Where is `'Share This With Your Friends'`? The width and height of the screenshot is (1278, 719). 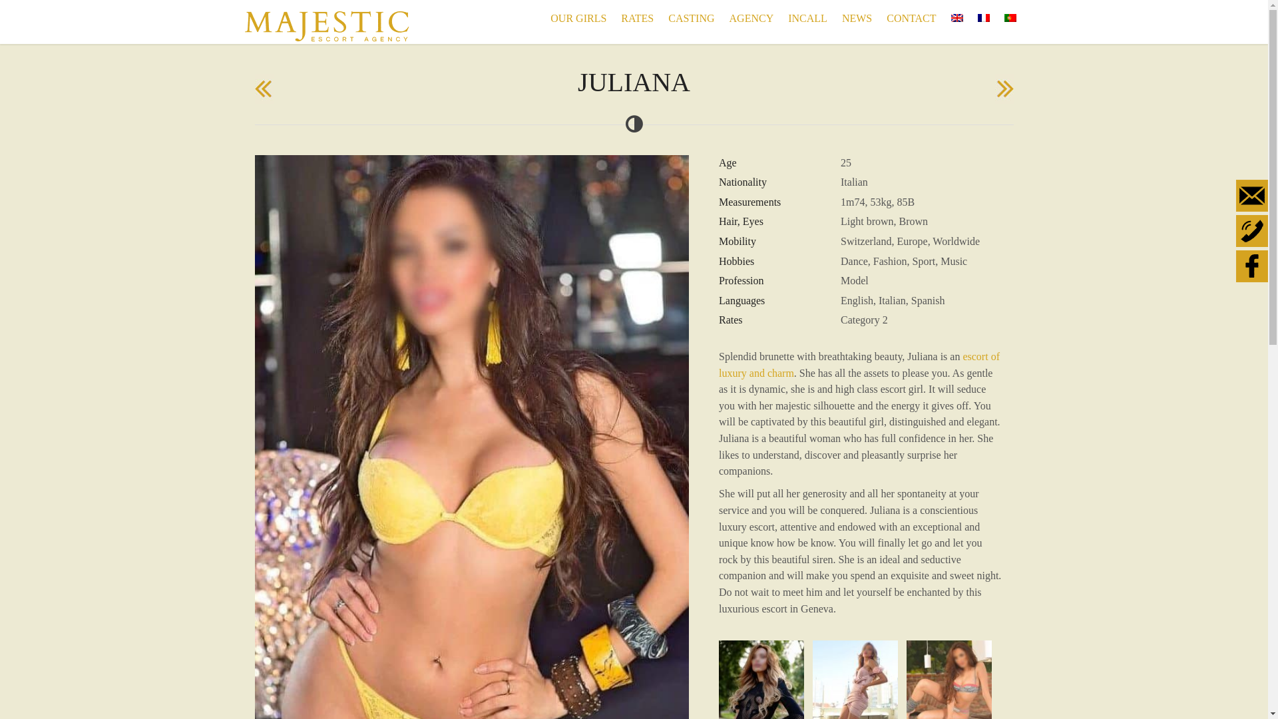 'Share This With Your Friends' is located at coordinates (1252, 232).